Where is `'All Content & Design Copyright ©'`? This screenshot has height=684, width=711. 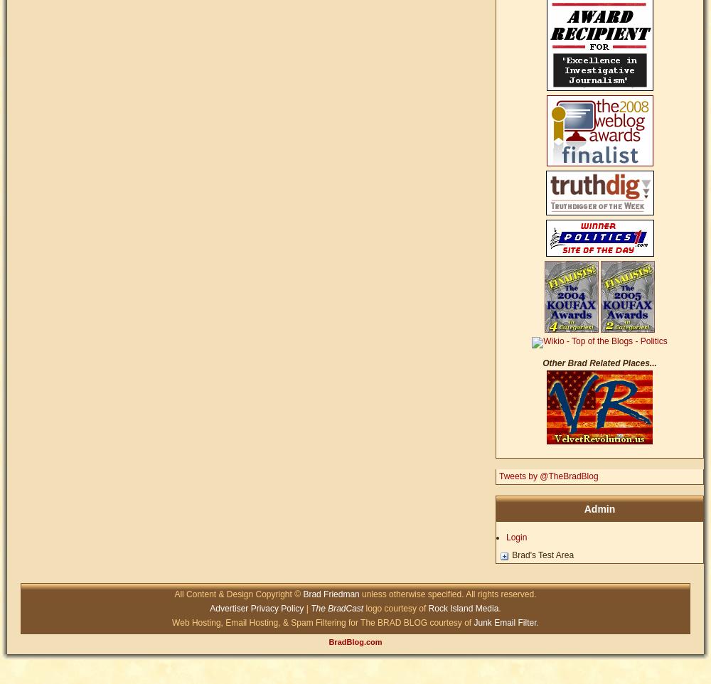
'All Content & Design Copyright ©' is located at coordinates (173, 594).